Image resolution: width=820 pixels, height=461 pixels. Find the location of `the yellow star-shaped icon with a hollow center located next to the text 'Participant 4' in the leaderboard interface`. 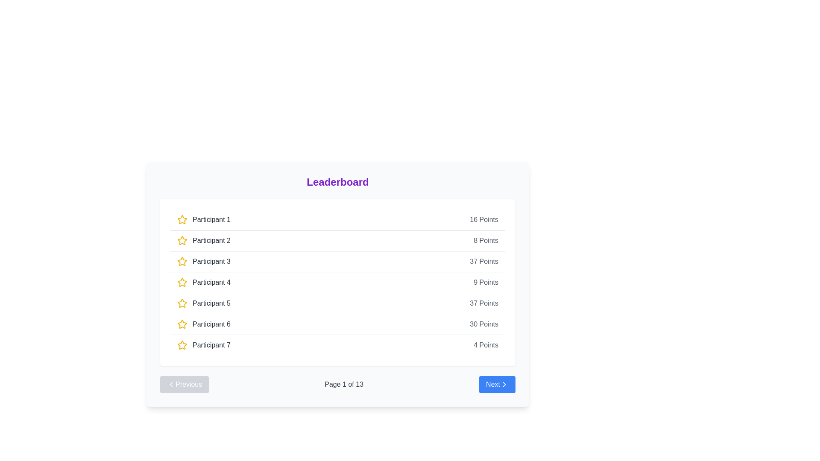

the yellow star-shaped icon with a hollow center located next to the text 'Participant 4' in the leaderboard interface is located at coordinates (182, 283).